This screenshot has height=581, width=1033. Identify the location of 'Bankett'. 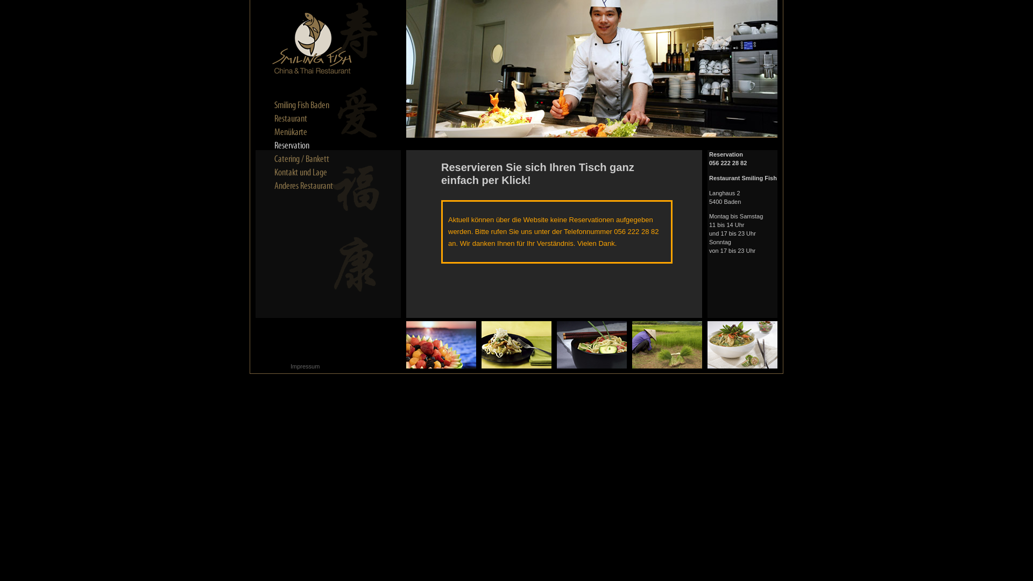
(312, 159).